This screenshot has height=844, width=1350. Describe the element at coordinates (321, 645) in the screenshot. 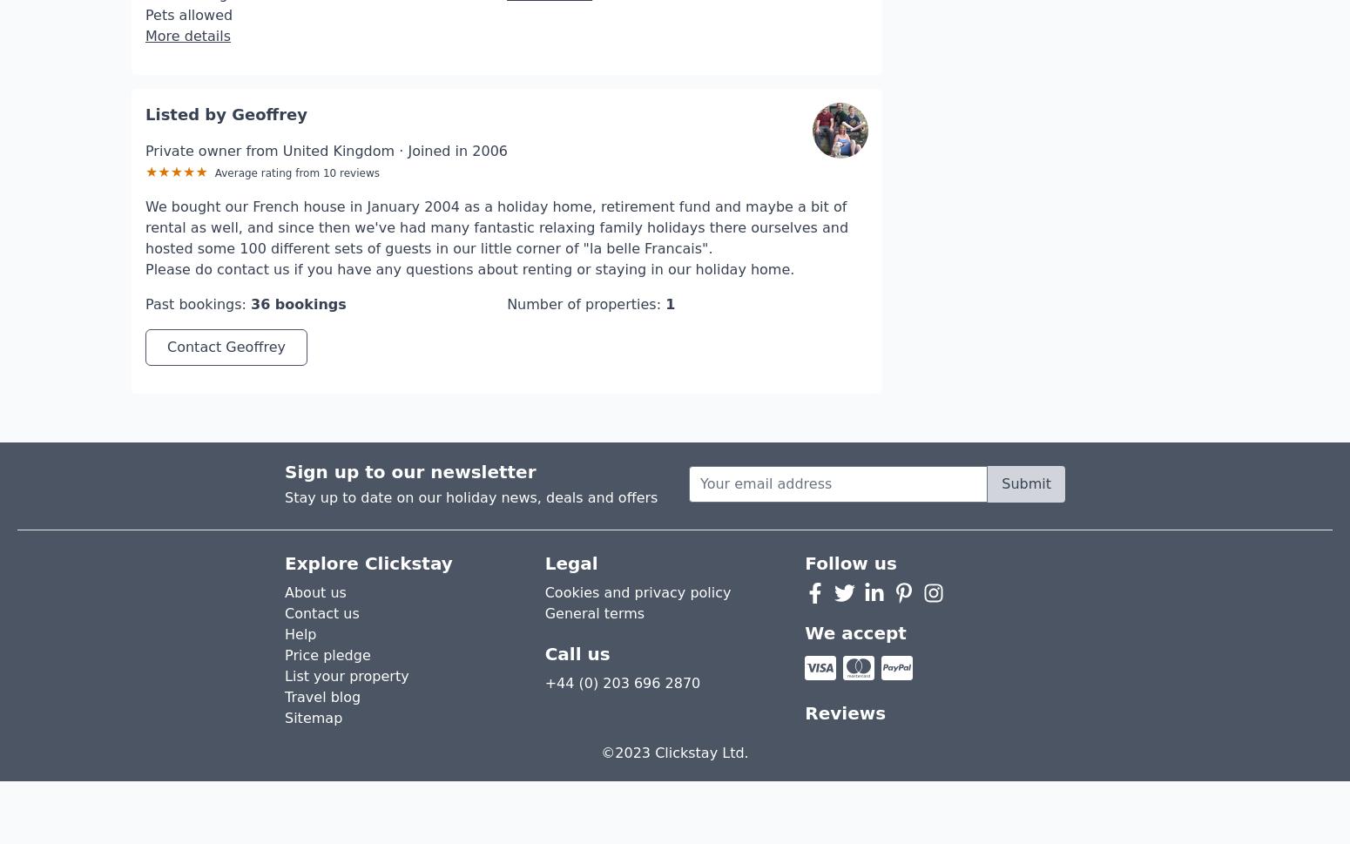

I see `'Travel blog'` at that location.